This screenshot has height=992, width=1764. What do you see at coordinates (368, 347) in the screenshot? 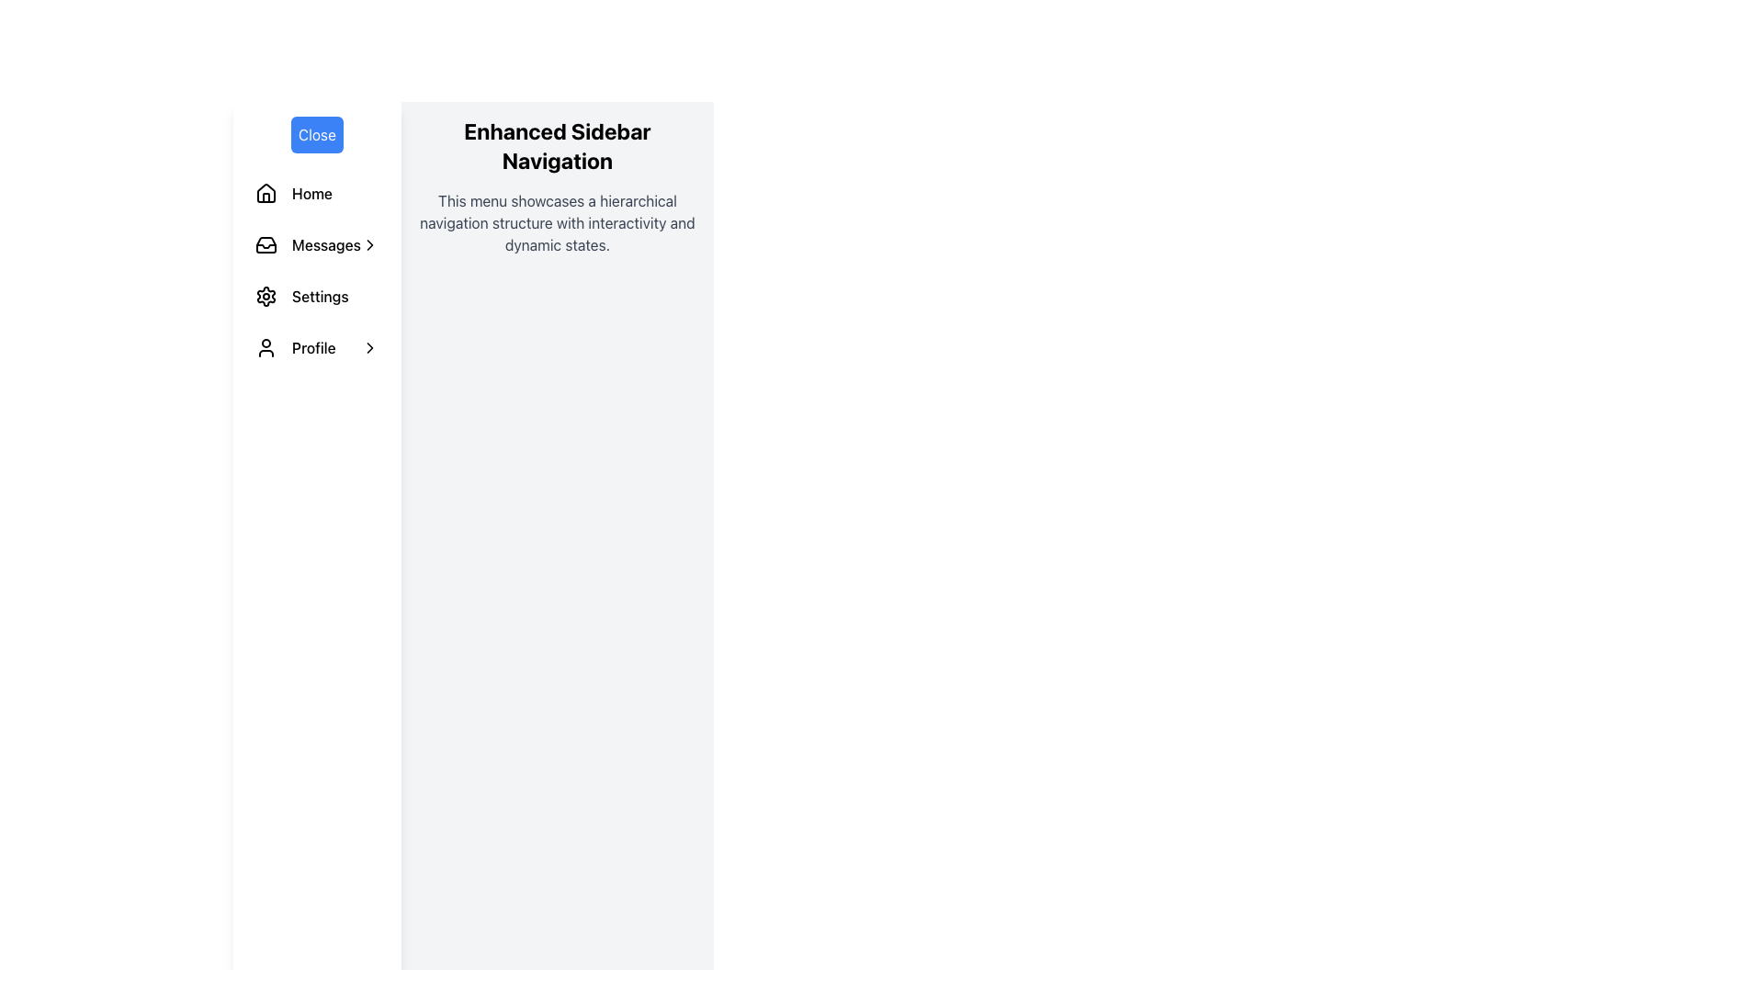
I see `the right-chevron icon located in the Profile section of the vertical navigation menu` at bounding box center [368, 347].